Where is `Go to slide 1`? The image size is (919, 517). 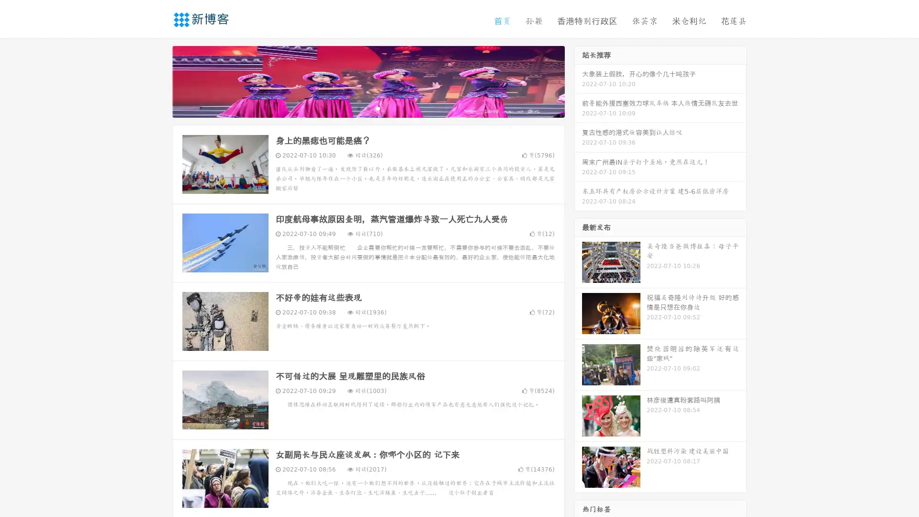 Go to slide 1 is located at coordinates (358, 108).